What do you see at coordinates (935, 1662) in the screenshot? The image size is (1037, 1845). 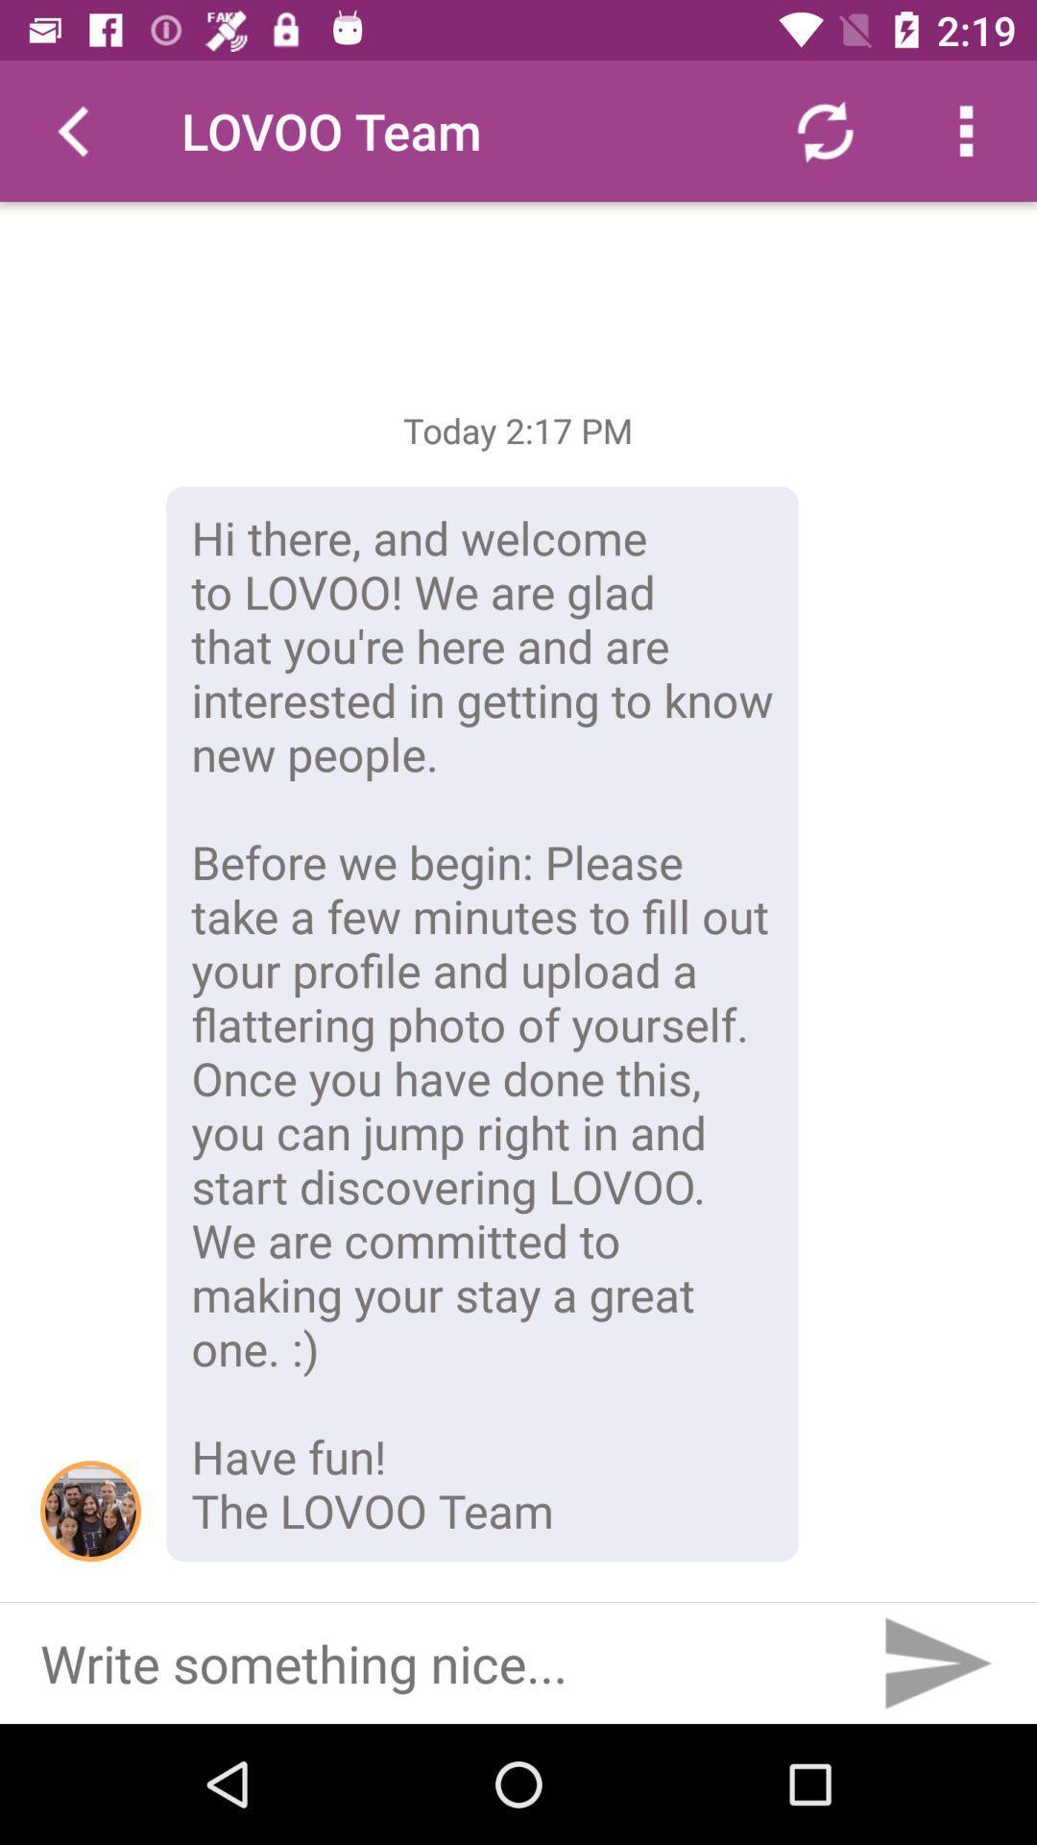 I see `to send` at bounding box center [935, 1662].